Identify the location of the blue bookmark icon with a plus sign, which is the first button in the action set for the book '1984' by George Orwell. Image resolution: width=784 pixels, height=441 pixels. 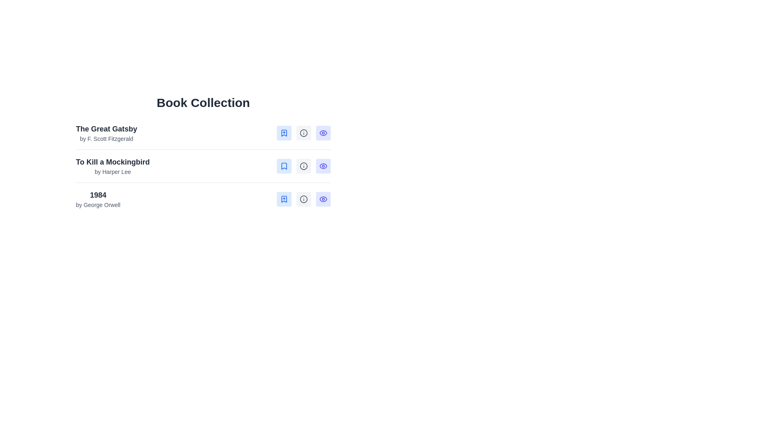
(284, 199).